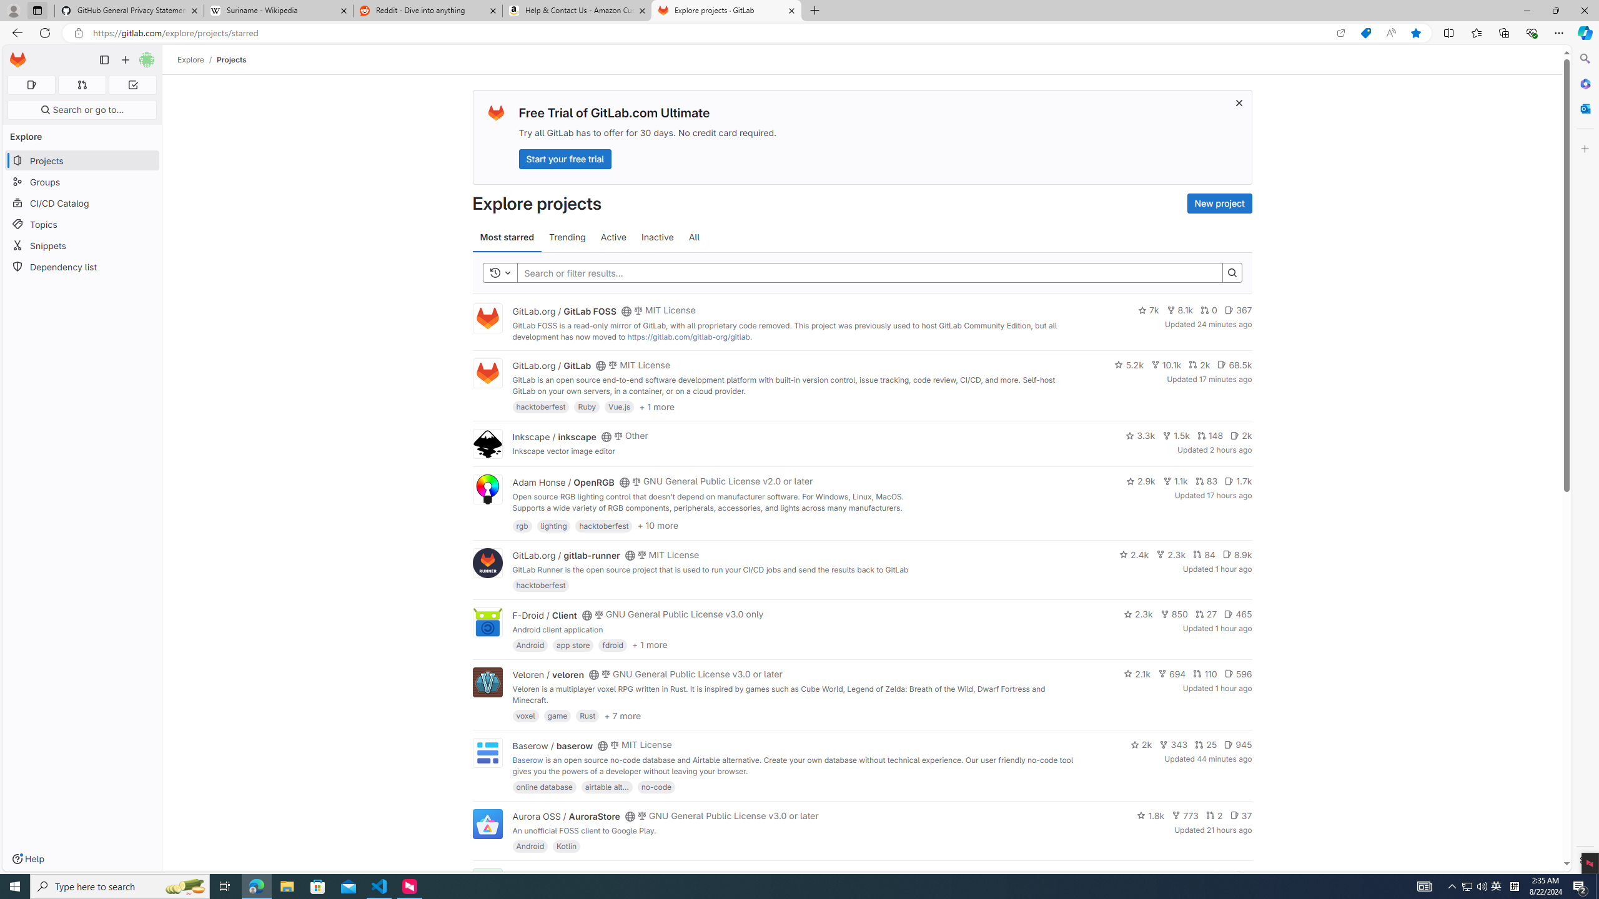  What do you see at coordinates (104, 59) in the screenshot?
I see `'Primary navigation sidebar'` at bounding box center [104, 59].